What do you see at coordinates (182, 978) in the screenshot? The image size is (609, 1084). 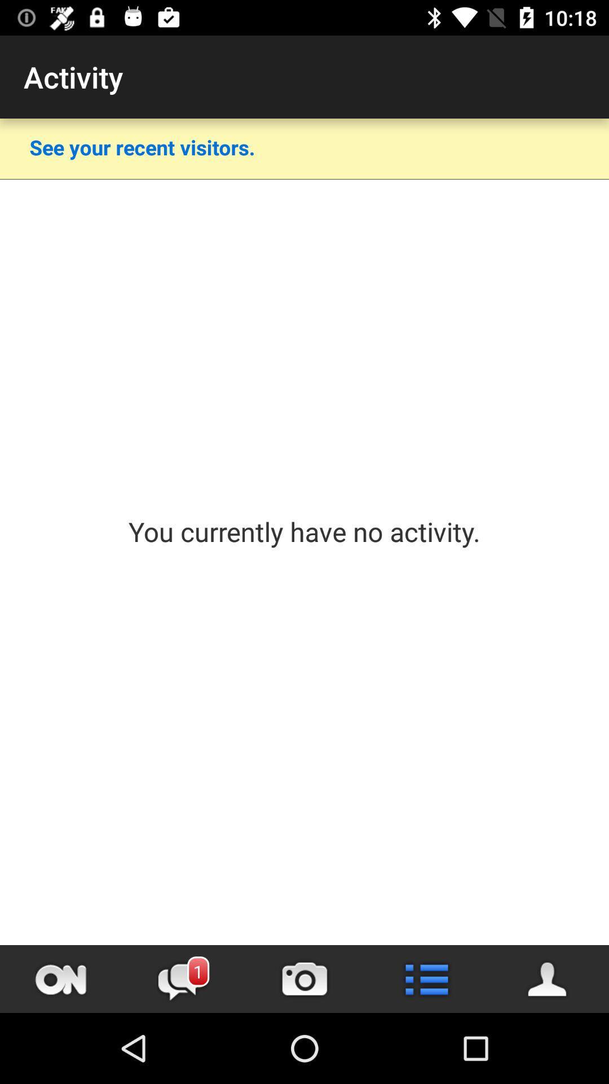 I see `message tab` at bounding box center [182, 978].